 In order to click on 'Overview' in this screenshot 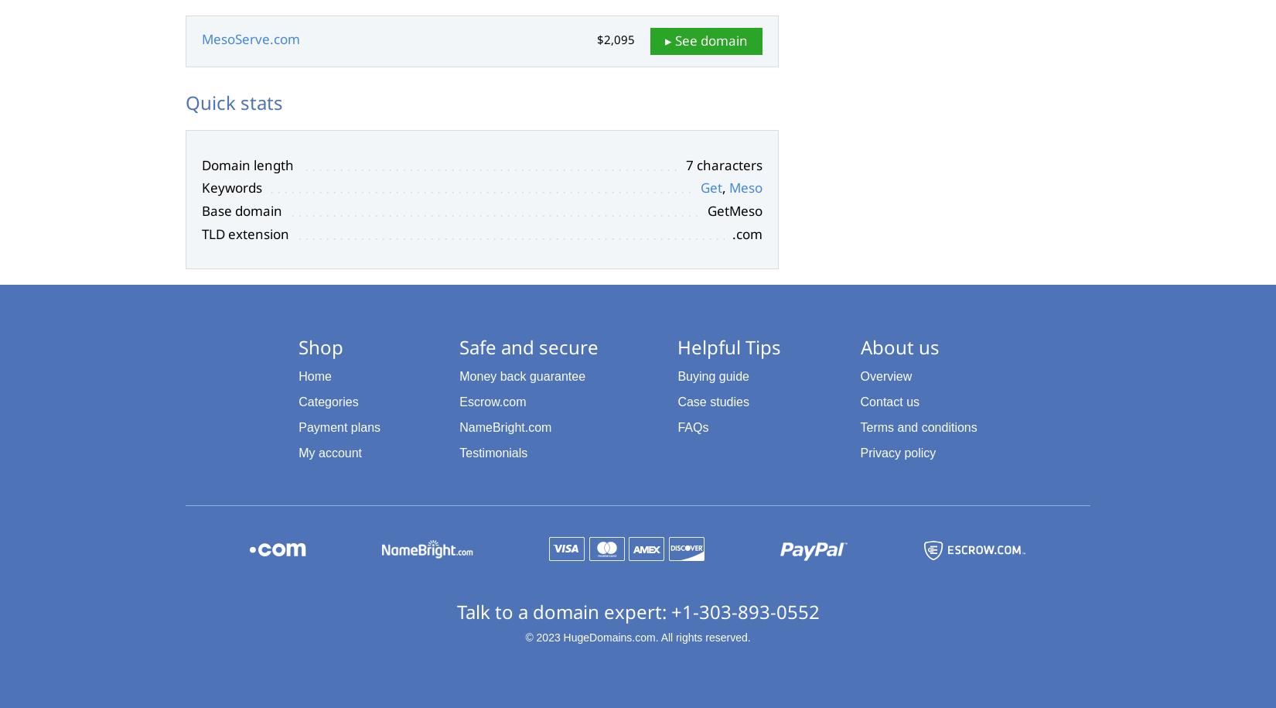, I will do `click(885, 375)`.